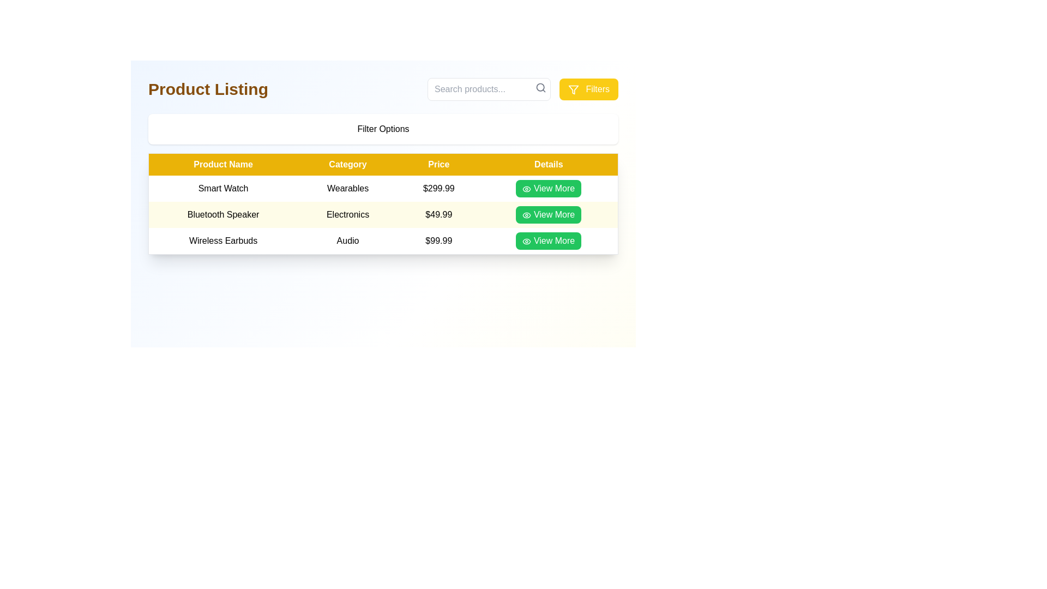 This screenshot has height=589, width=1047. Describe the element at coordinates (527, 241) in the screenshot. I see `the eye icon component representing visibility in the 'Details' column of the first product row ('Smart Watch') in the table` at that location.